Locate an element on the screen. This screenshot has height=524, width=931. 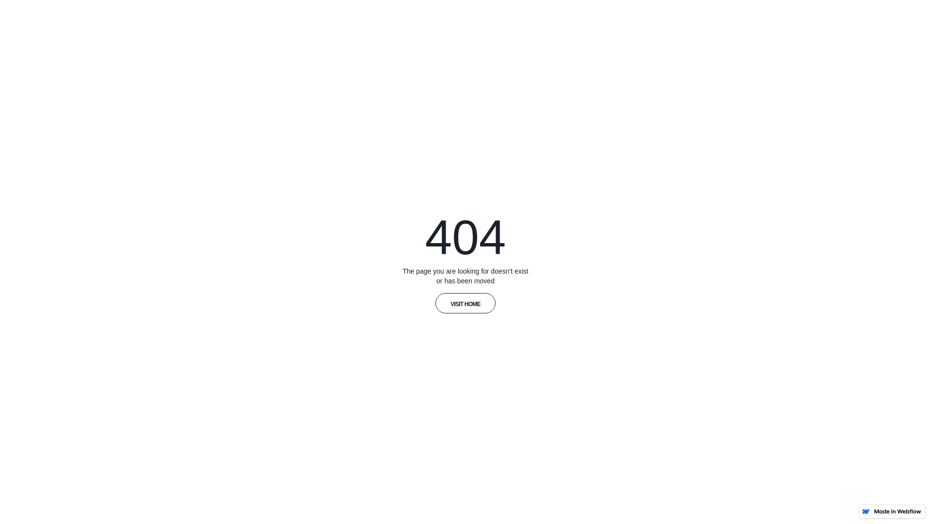
'VISIT HOME' is located at coordinates (465, 302).